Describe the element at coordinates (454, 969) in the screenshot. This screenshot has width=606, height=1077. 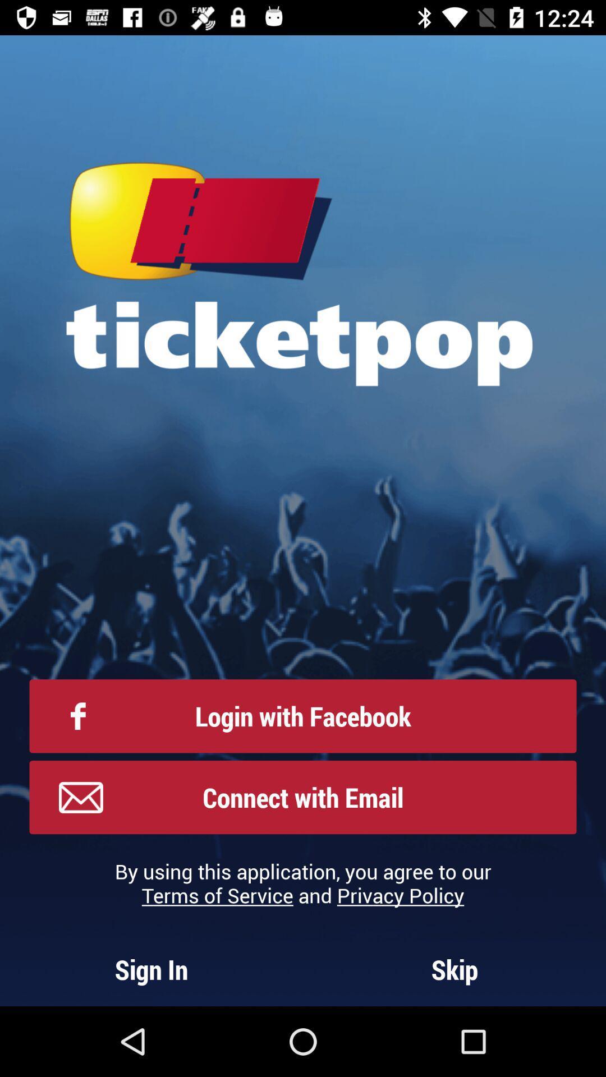
I see `skip` at that location.